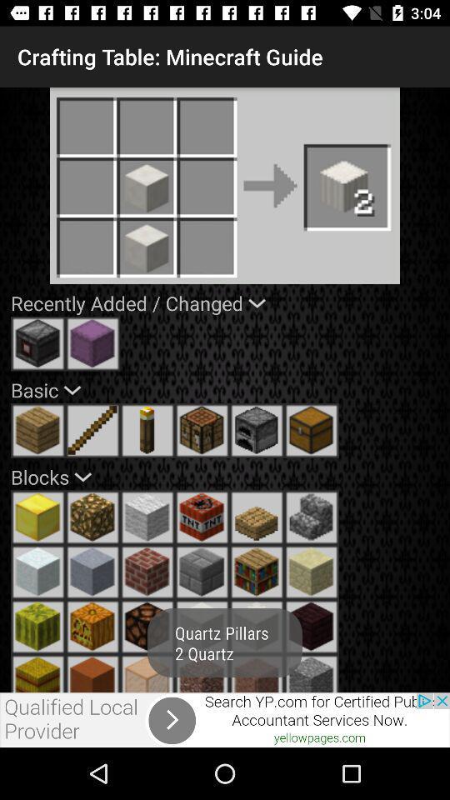  What do you see at coordinates (312, 626) in the screenshot?
I see `the symbol` at bounding box center [312, 626].